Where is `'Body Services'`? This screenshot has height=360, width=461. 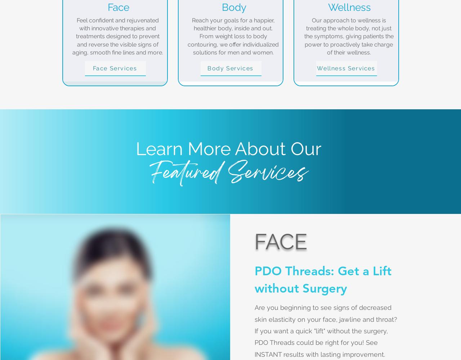 'Body Services' is located at coordinates (230, 67).